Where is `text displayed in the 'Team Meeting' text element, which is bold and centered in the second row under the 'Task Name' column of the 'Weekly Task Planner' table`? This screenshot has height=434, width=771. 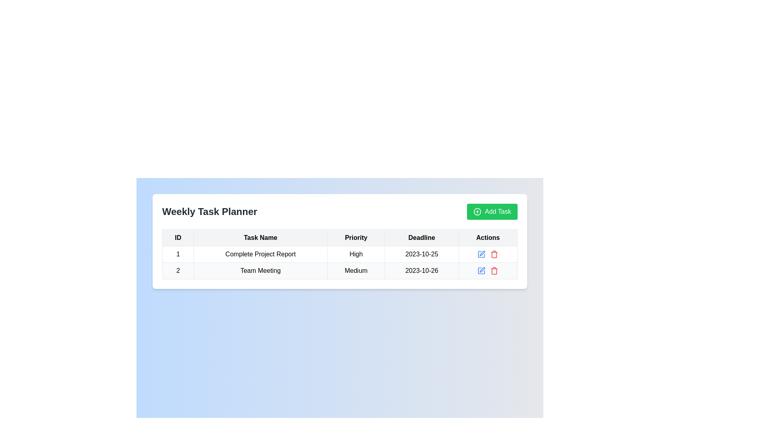
text displayed in the 'Team Meeting' text element, which is bold and centered in the second row under the 'Task Name' column of the 'Weekly Task Planner' table is located at coordinates (260, 271).